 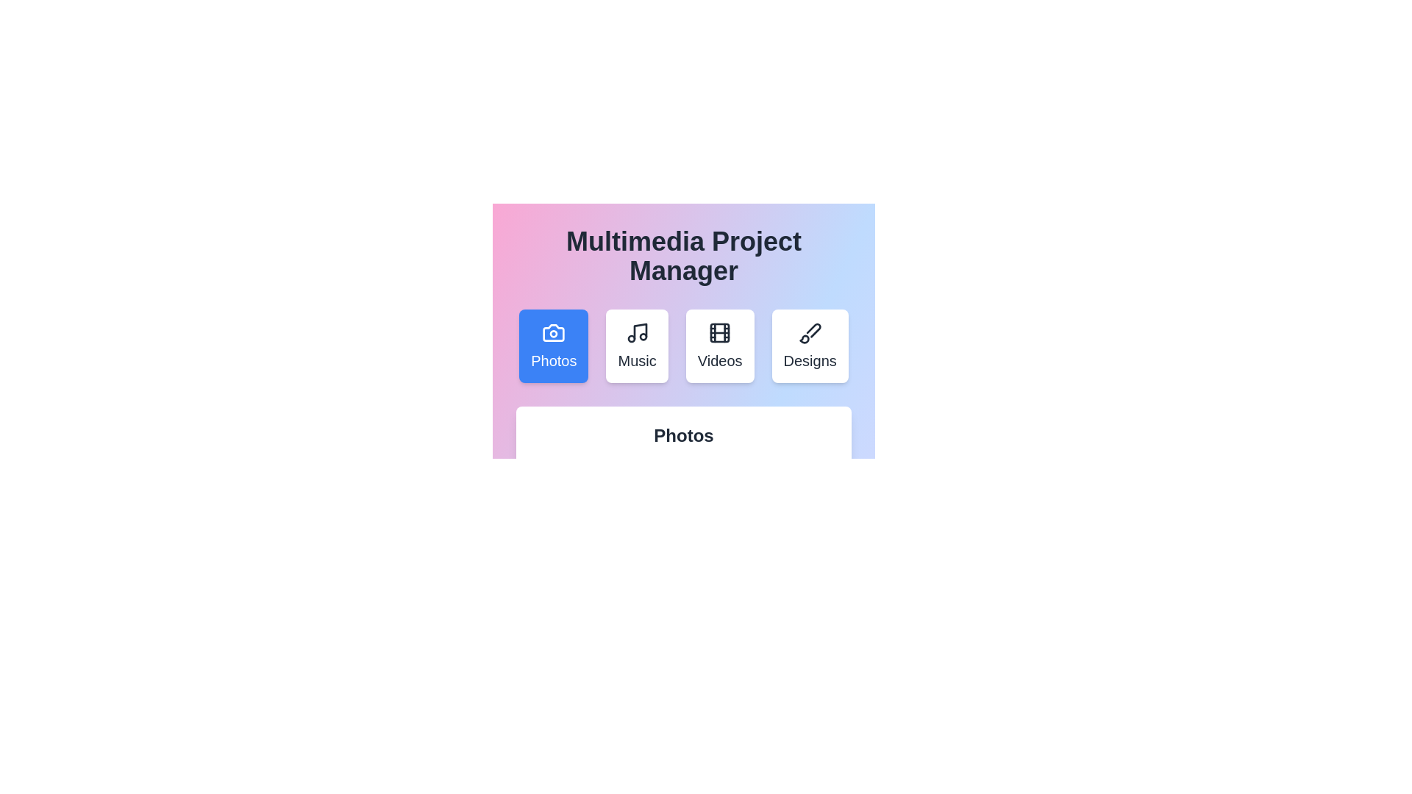 I want to click on the 'Photos' tab to ensure its content is displayed, so click(x=553, y=346).